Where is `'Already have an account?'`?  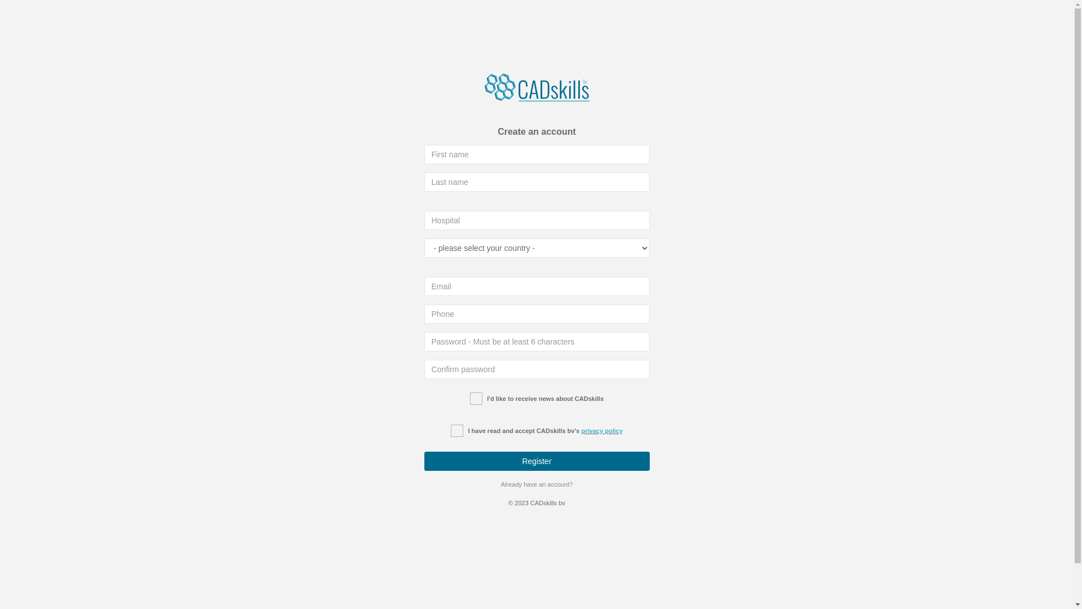 'Already have an account?' is located at coordinates (536, 483).